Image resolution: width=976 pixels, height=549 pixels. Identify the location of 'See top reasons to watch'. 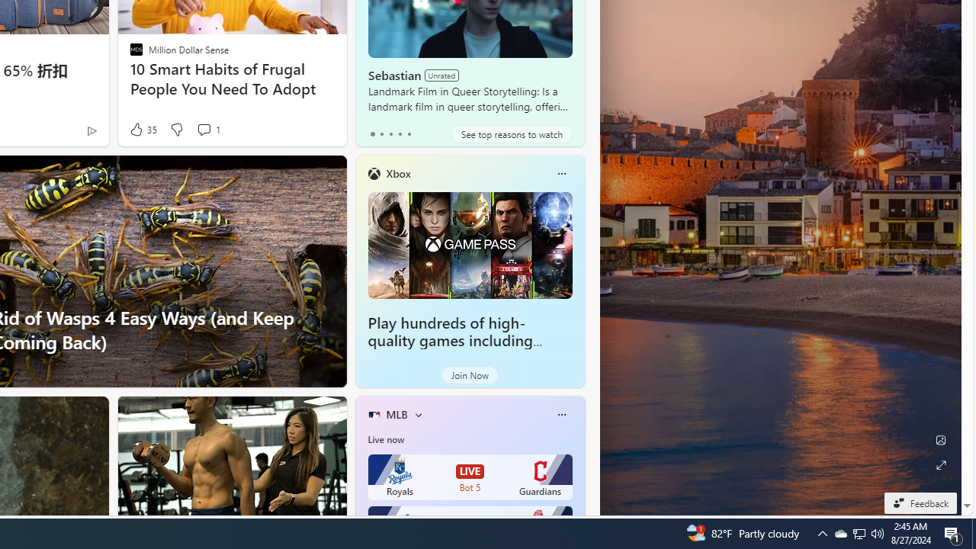
(512, 133).